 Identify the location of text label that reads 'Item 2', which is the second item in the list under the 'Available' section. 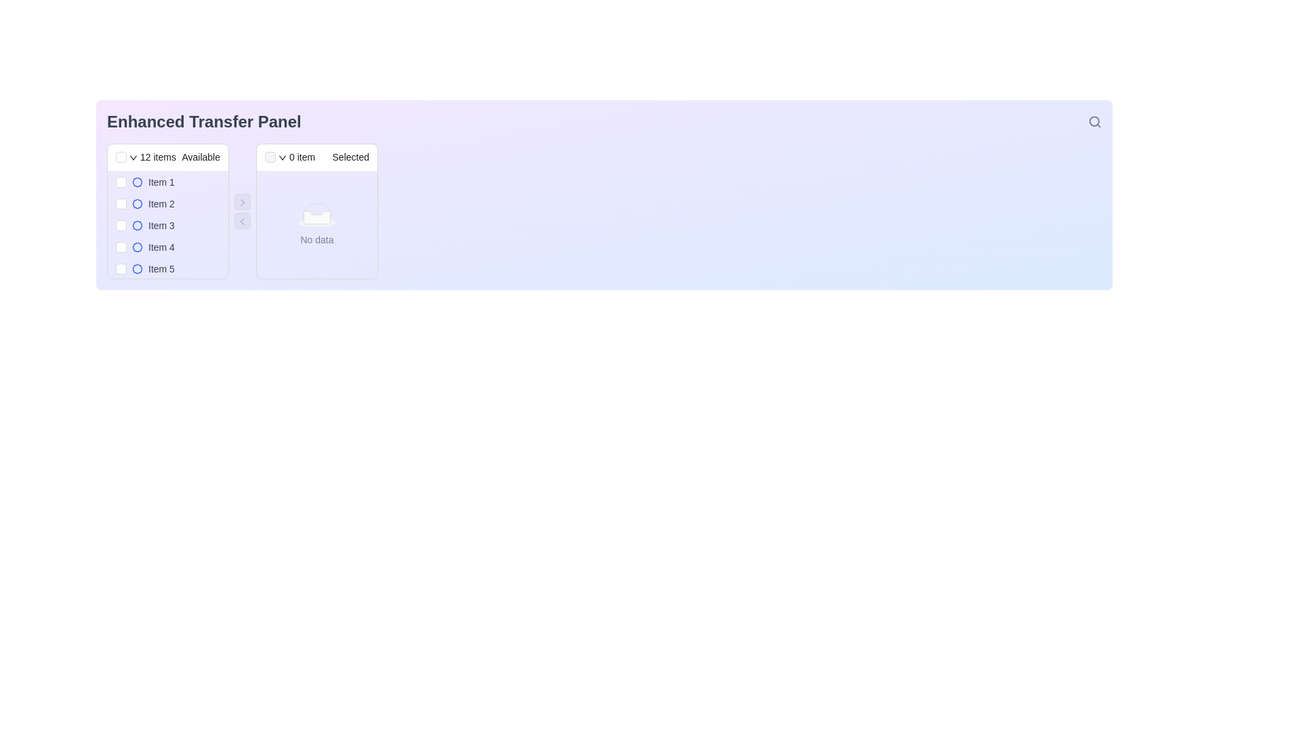
(161, 203).